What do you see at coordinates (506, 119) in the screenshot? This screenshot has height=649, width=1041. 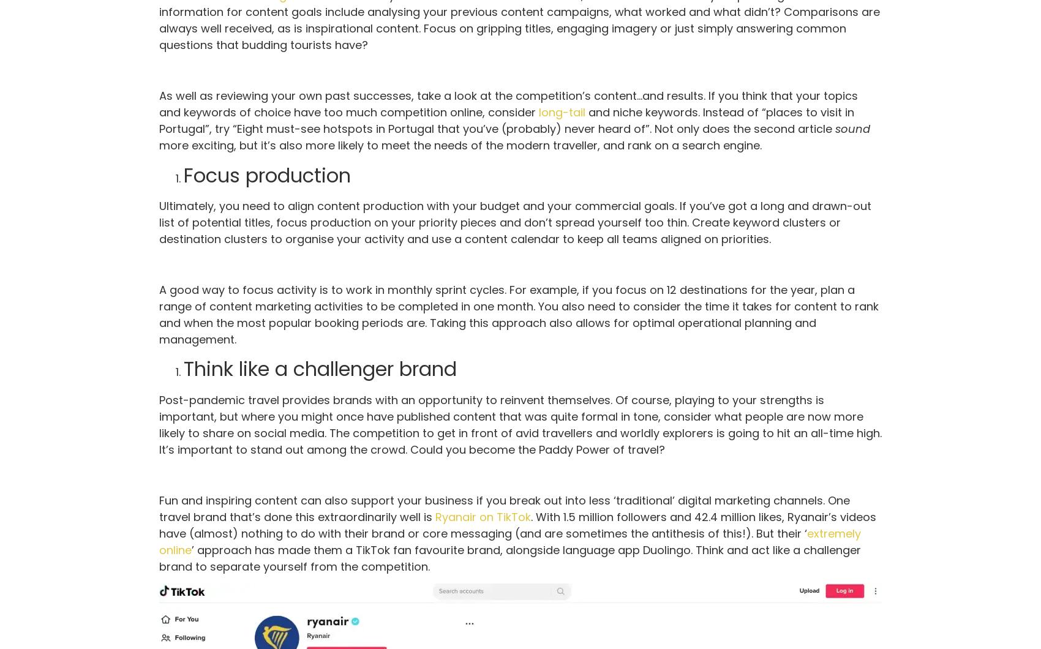 I see `'and niche keywords. Instead of “places to visit in Portugal”, try “Eight must-see hotspots in Portugal that you’ve (probably) never heard of”. Not only does the second article'` at bounding box center [506, 119].